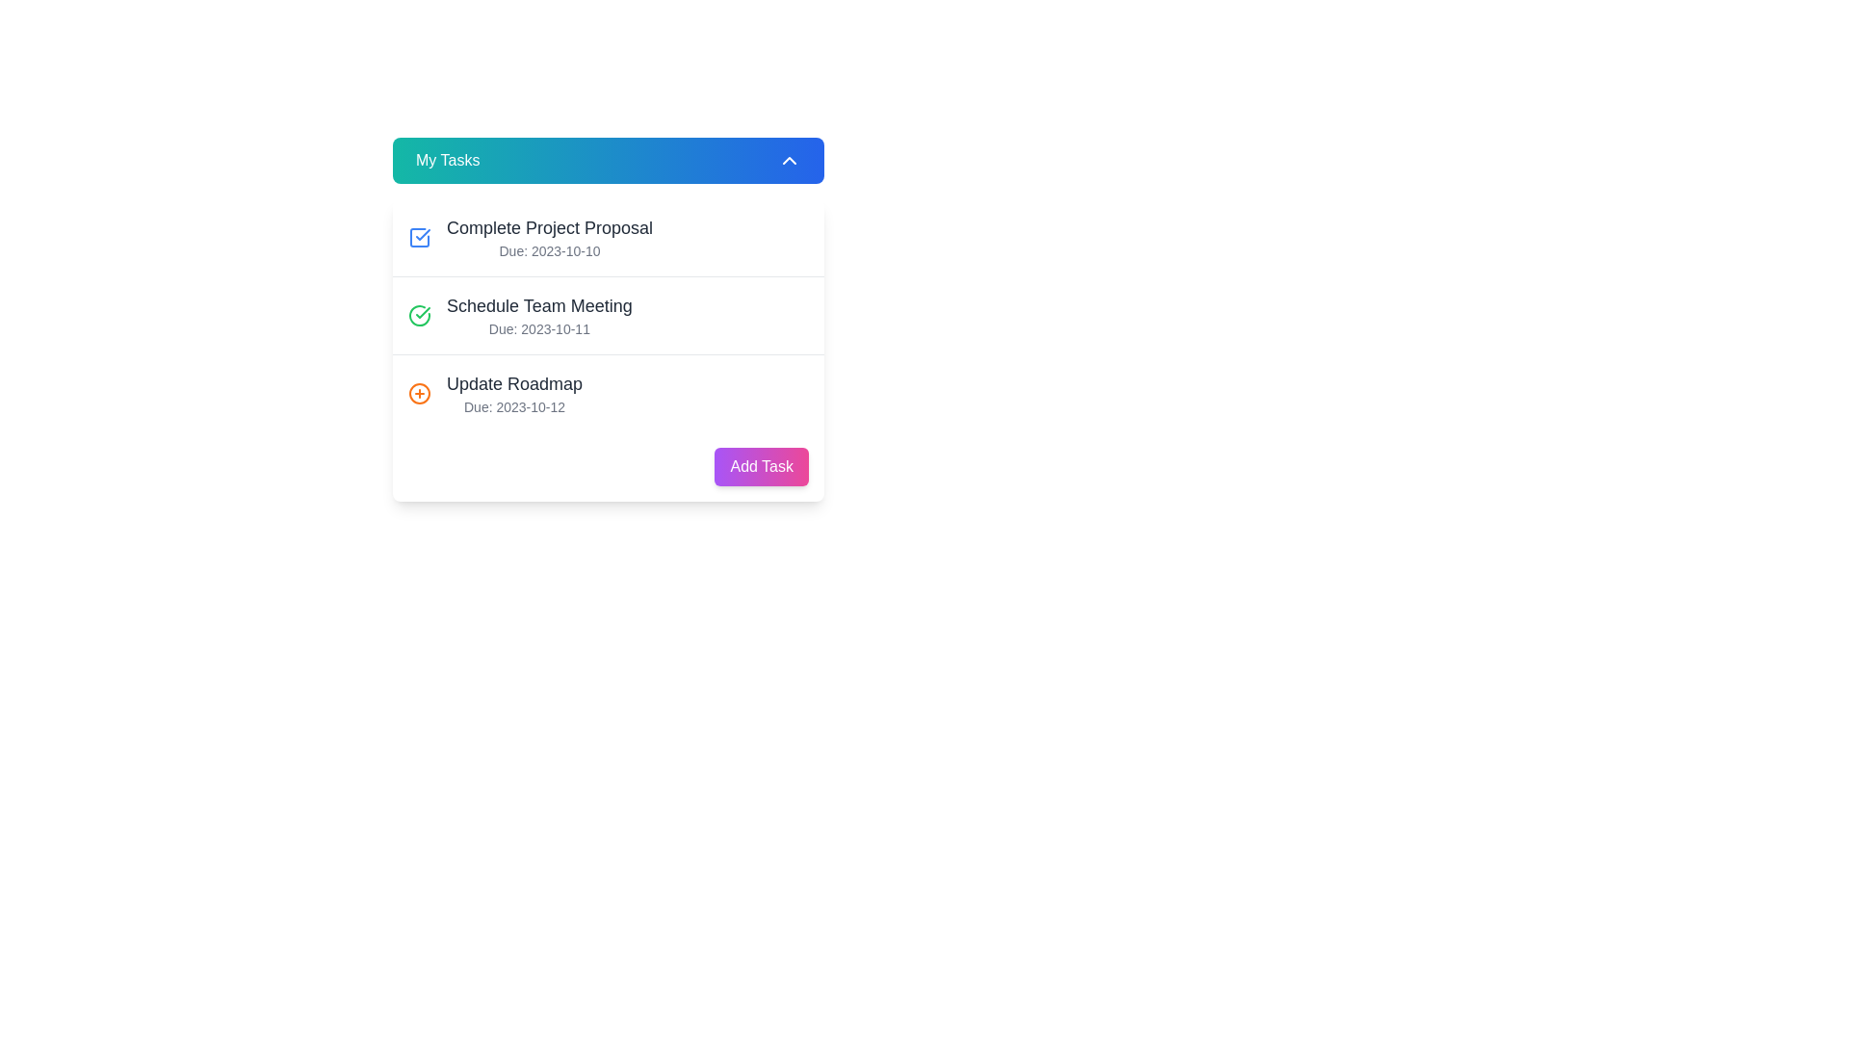 The height and width of the screenshot is (1040, 1849). I want to click on the text field displaying 'Due: 2023-10-11', which is located below the 'Schedule Team Meeting' title in the task list, so click(539, 328).